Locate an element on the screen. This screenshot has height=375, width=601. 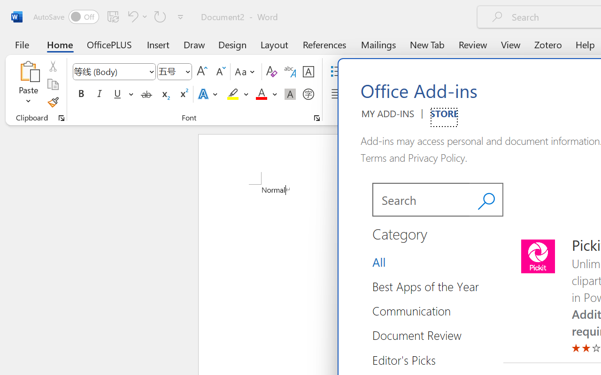
'View' is located at coordinates (510, 44).